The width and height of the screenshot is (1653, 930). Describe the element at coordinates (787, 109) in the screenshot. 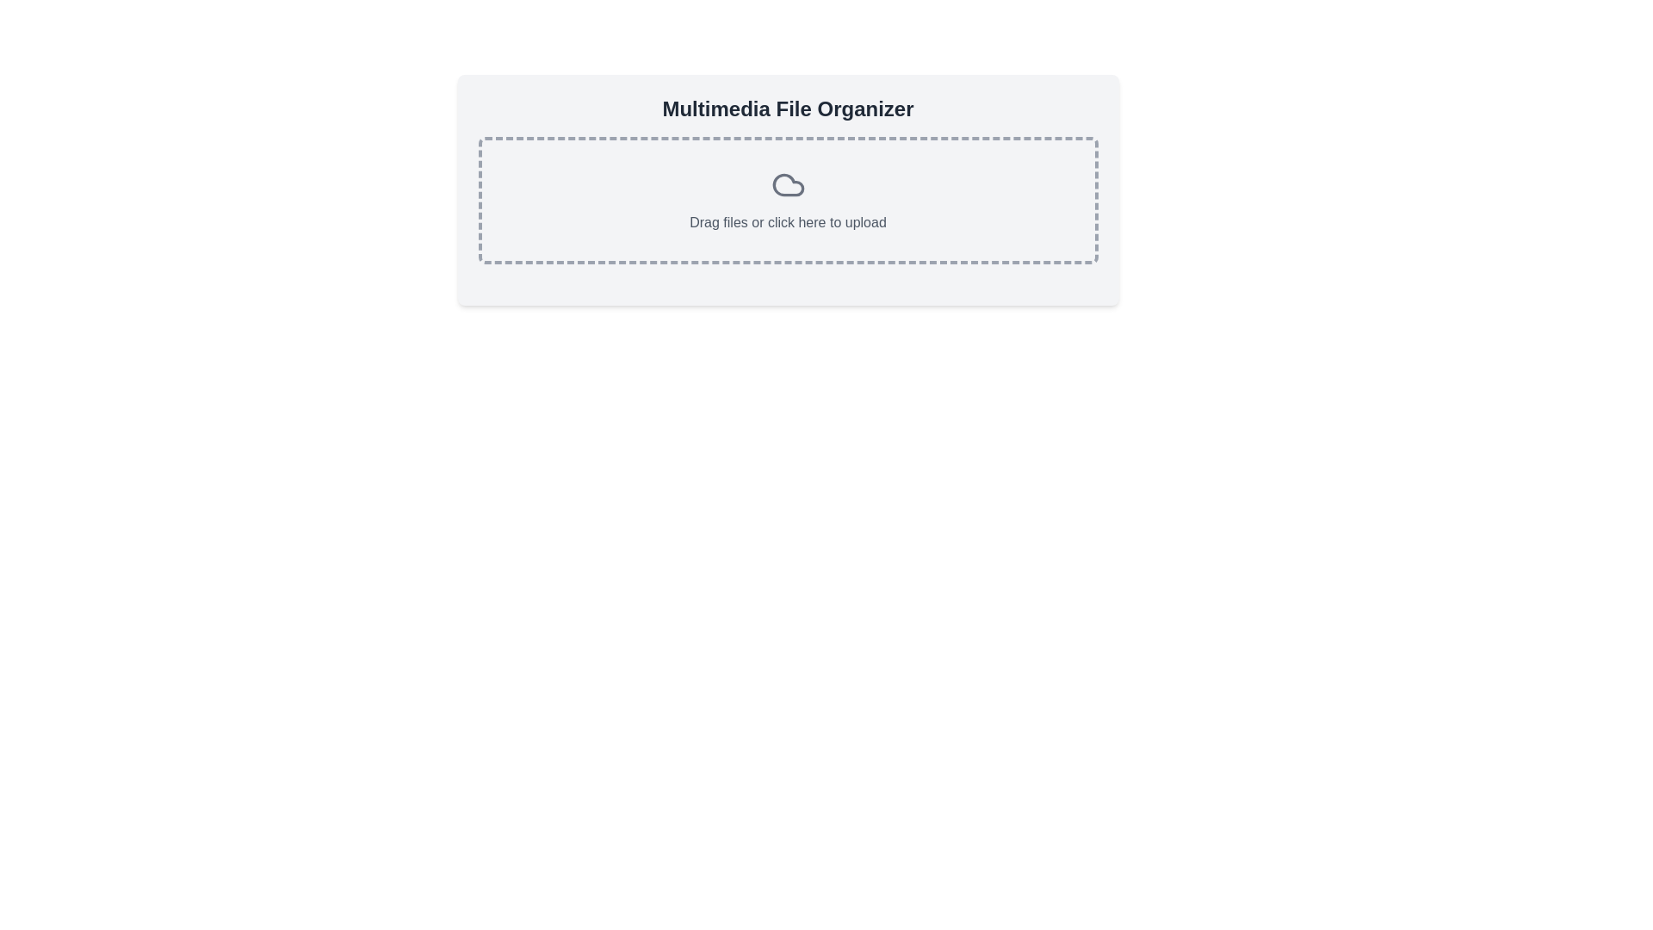

I see `the static text element that serves as a title or header for organizing multimedia files, located at the top of the layout` at that location.